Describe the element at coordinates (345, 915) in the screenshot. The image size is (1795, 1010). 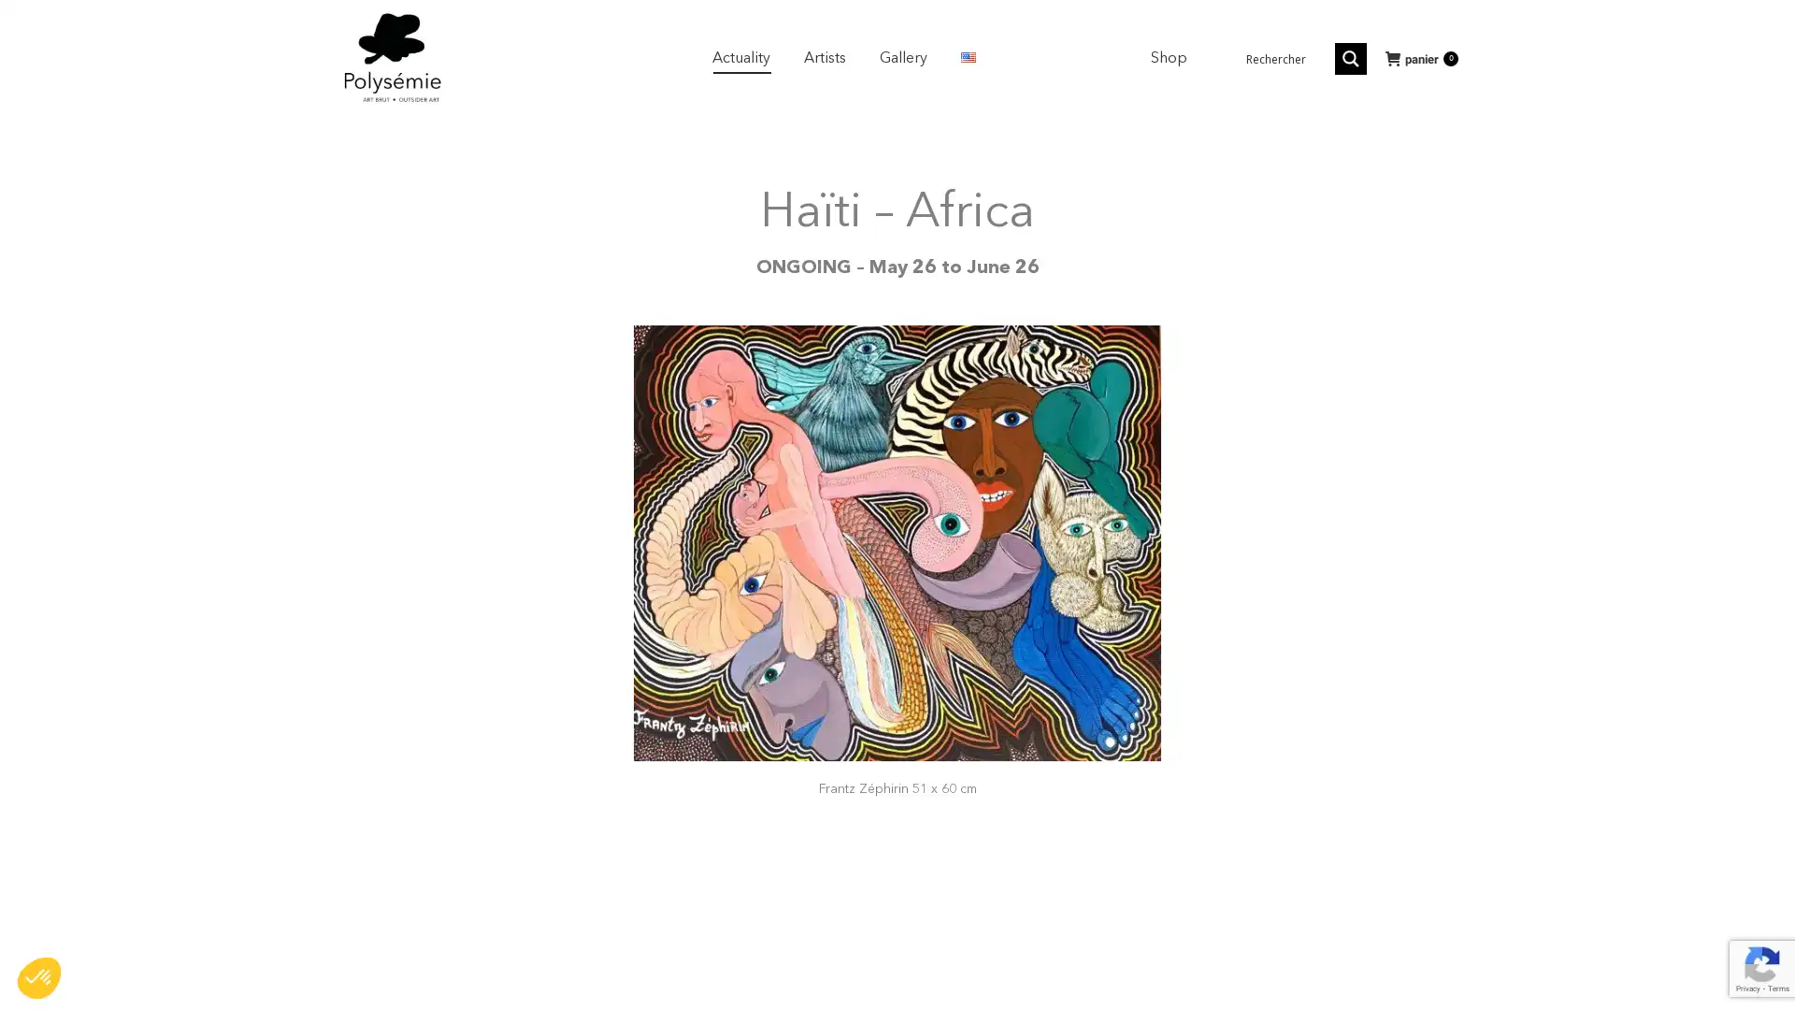
I see `OK pour moi` at that location.